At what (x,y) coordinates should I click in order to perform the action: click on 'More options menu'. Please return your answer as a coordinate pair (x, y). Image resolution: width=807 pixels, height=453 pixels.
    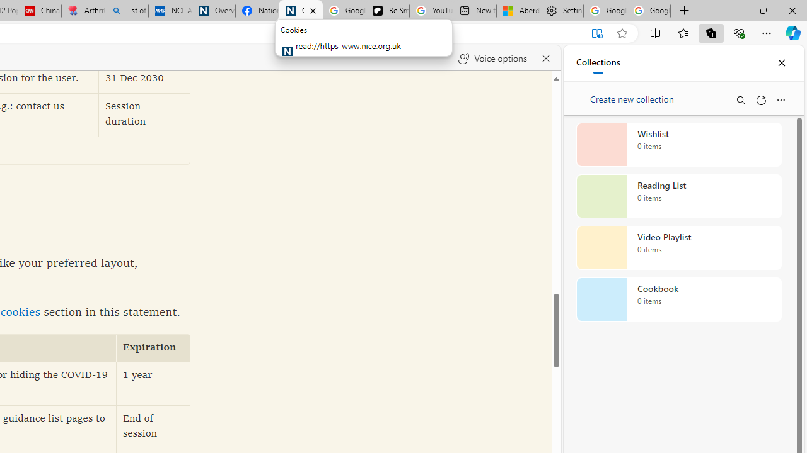
    Looking at the image, I should click on (780, 99).